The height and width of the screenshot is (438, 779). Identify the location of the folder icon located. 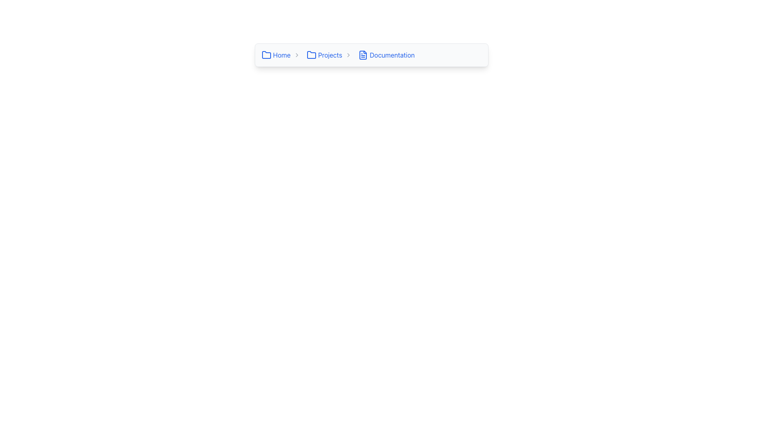
(267, 55).